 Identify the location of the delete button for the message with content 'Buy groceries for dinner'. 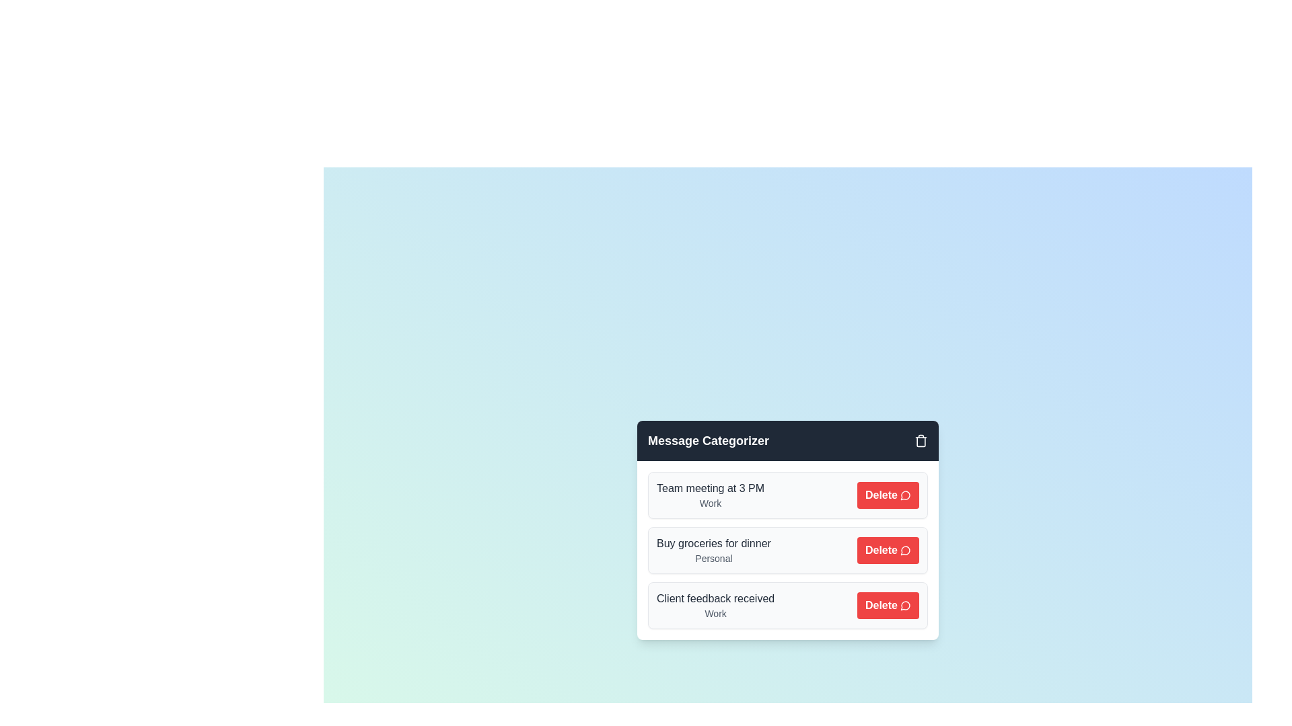
(888, 550).